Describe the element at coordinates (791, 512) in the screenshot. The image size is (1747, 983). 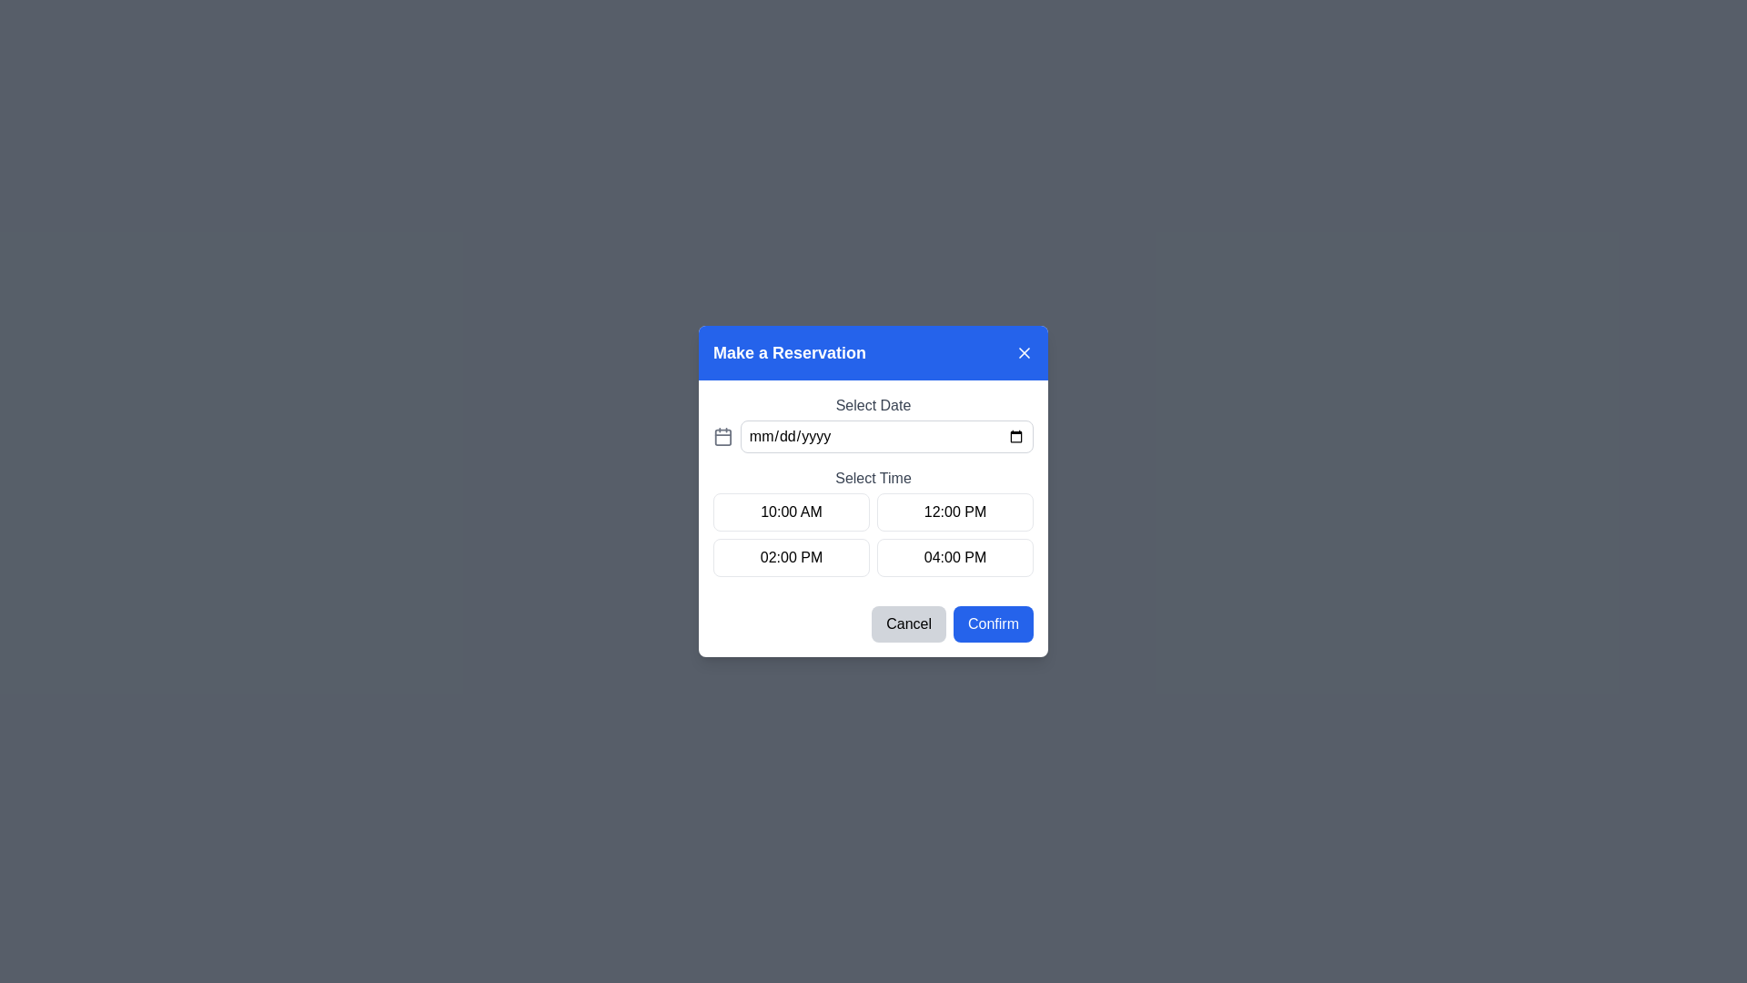
I see `the first time selection button labeled '10:00 AM' located in the first row and first column of the time-selection grid` at that location.